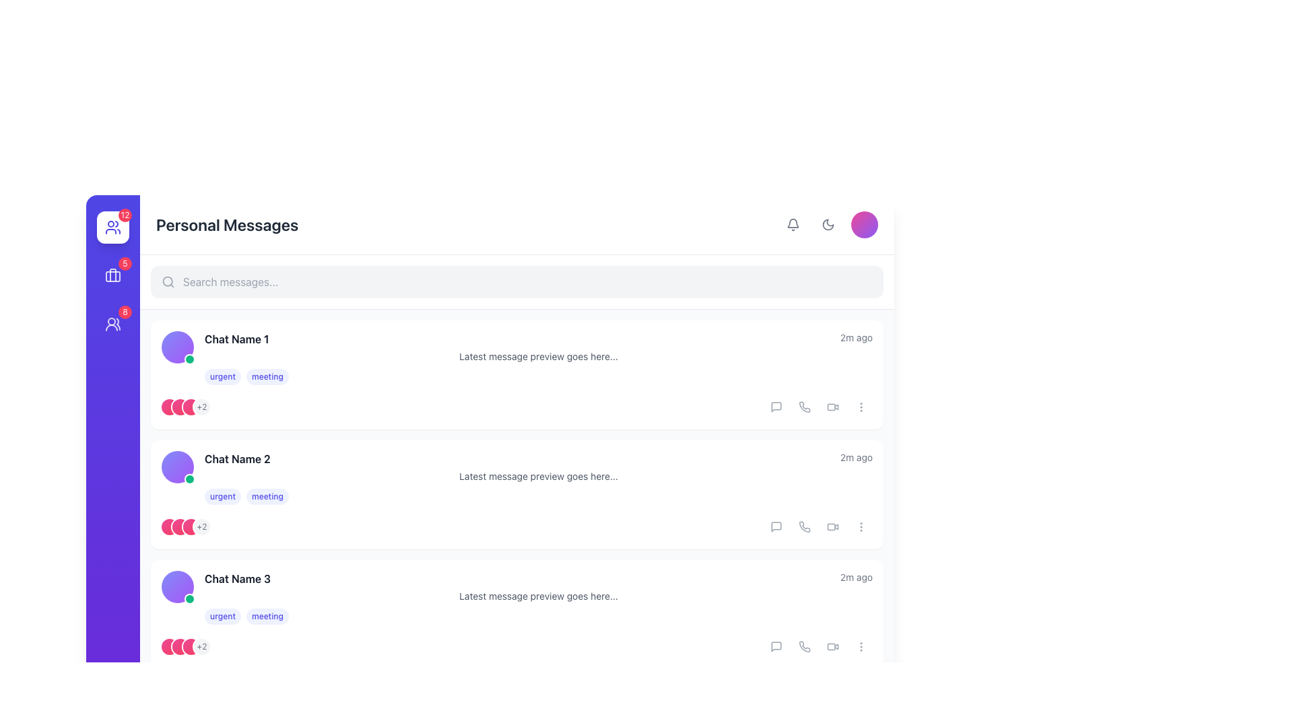  Describe the element at coordinates (805, 407) in the screenshot. I see `the phone icon in the chat user interface to initiate a call` at that location.